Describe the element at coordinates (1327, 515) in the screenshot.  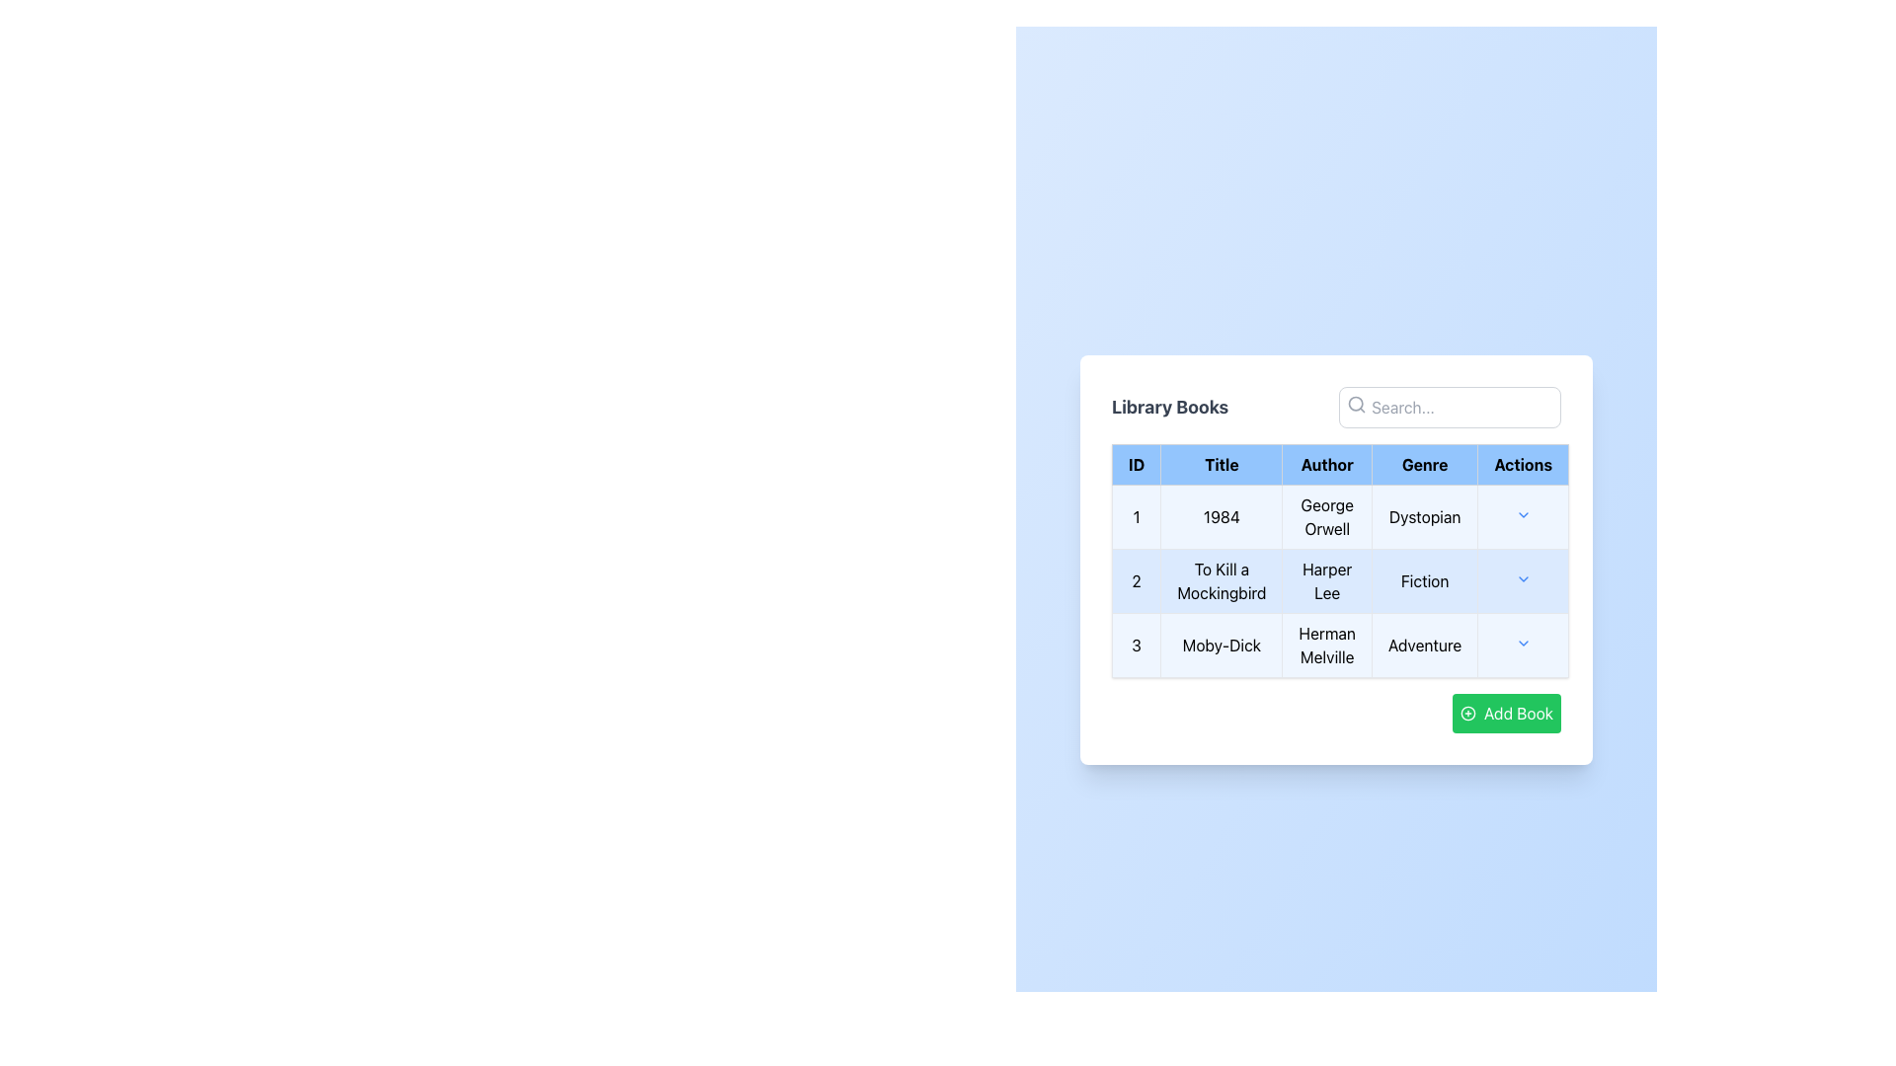
I see `the Text display showing the author name 'George Orwell' in the 'Author' column of the first entry of the table for the book '1984'` at that location.